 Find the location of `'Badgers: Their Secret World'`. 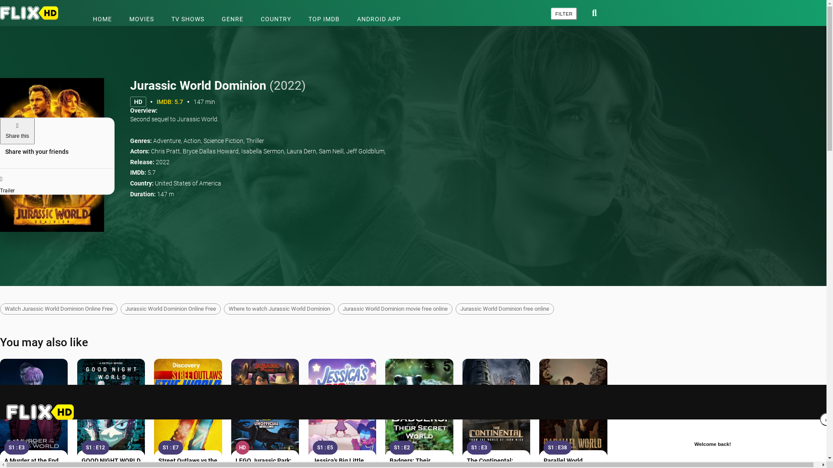

'Badgers: Their Secret World' is located at coordinates (419, 409).